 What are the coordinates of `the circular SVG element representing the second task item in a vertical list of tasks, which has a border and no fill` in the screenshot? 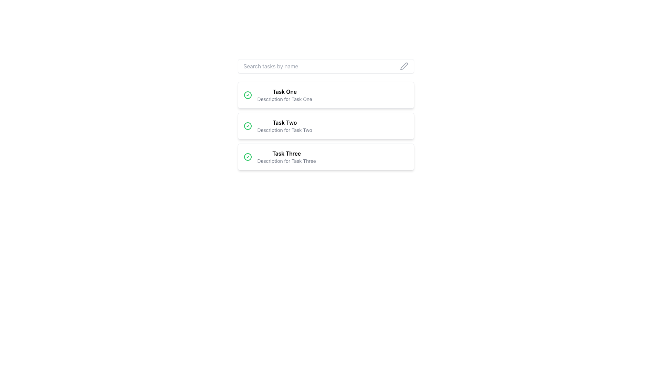 It's located at (248, 126).